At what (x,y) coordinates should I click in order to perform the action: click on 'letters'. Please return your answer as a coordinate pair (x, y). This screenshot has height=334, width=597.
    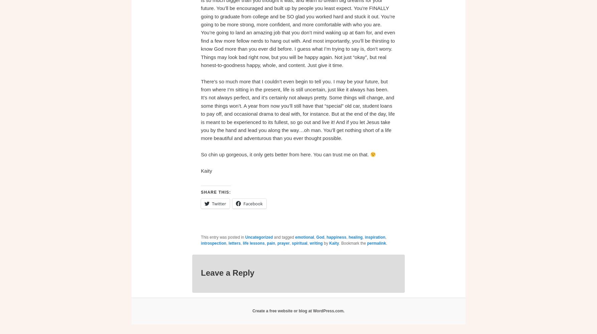
    Looking at the image, I should click on (234, 243).